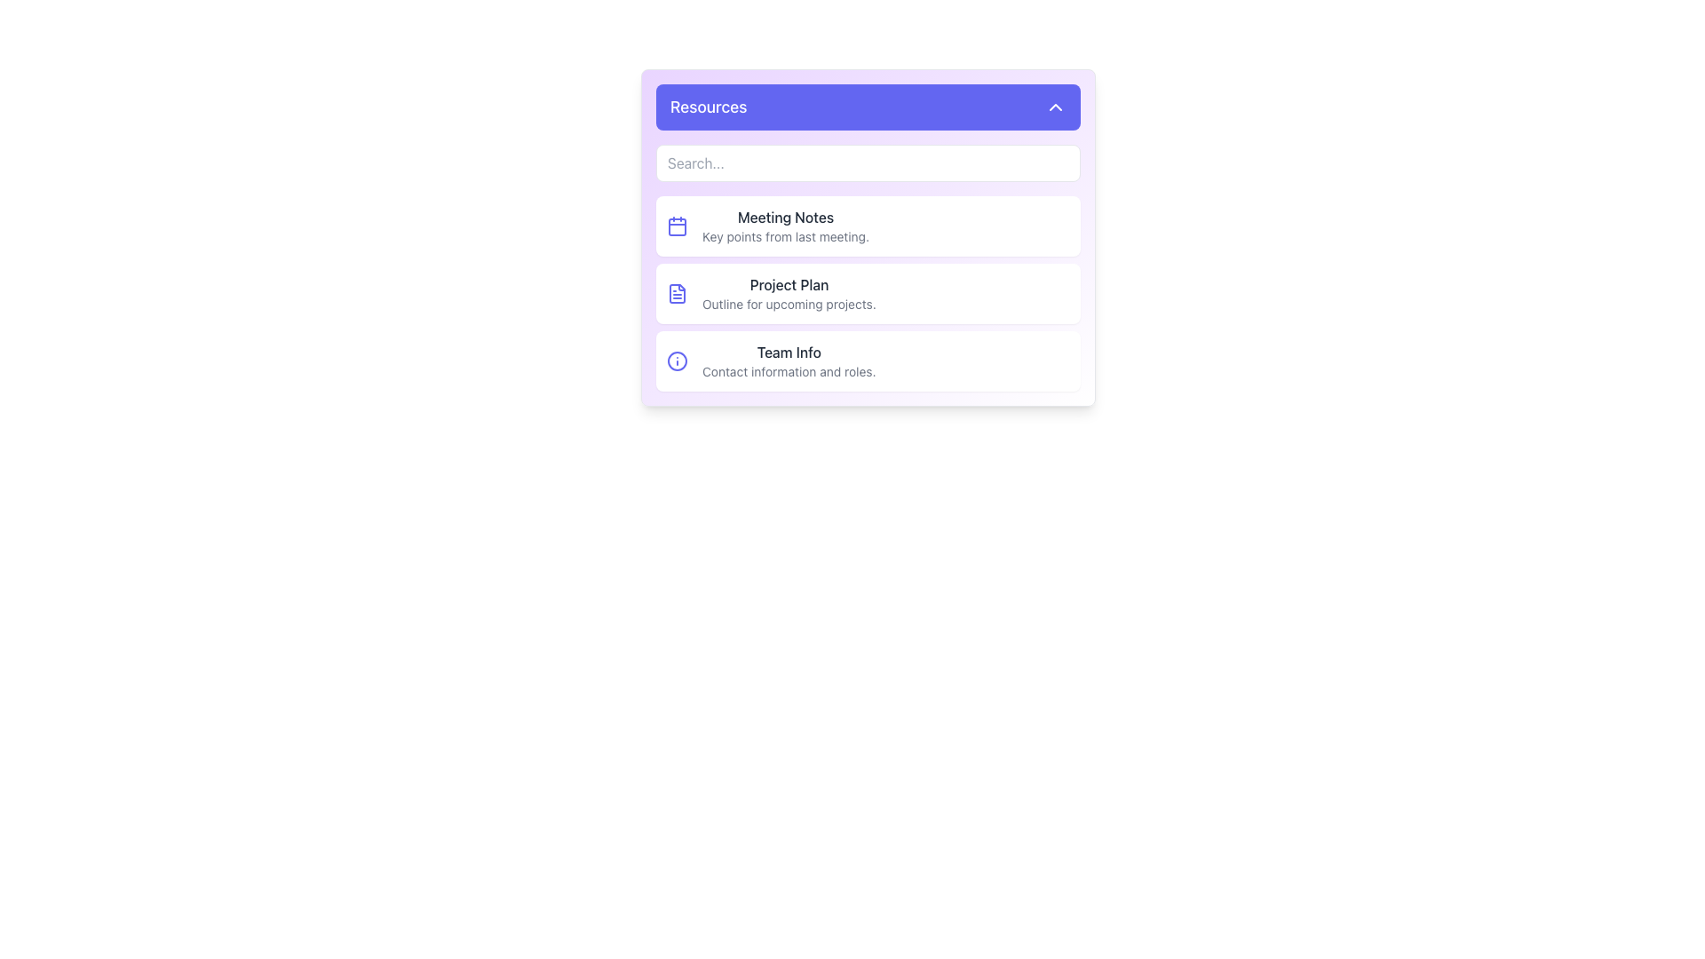  Describe the element at coordinates (785, 217) in the screenshot. I see `the 'Meeting Notes' title element` at that location.